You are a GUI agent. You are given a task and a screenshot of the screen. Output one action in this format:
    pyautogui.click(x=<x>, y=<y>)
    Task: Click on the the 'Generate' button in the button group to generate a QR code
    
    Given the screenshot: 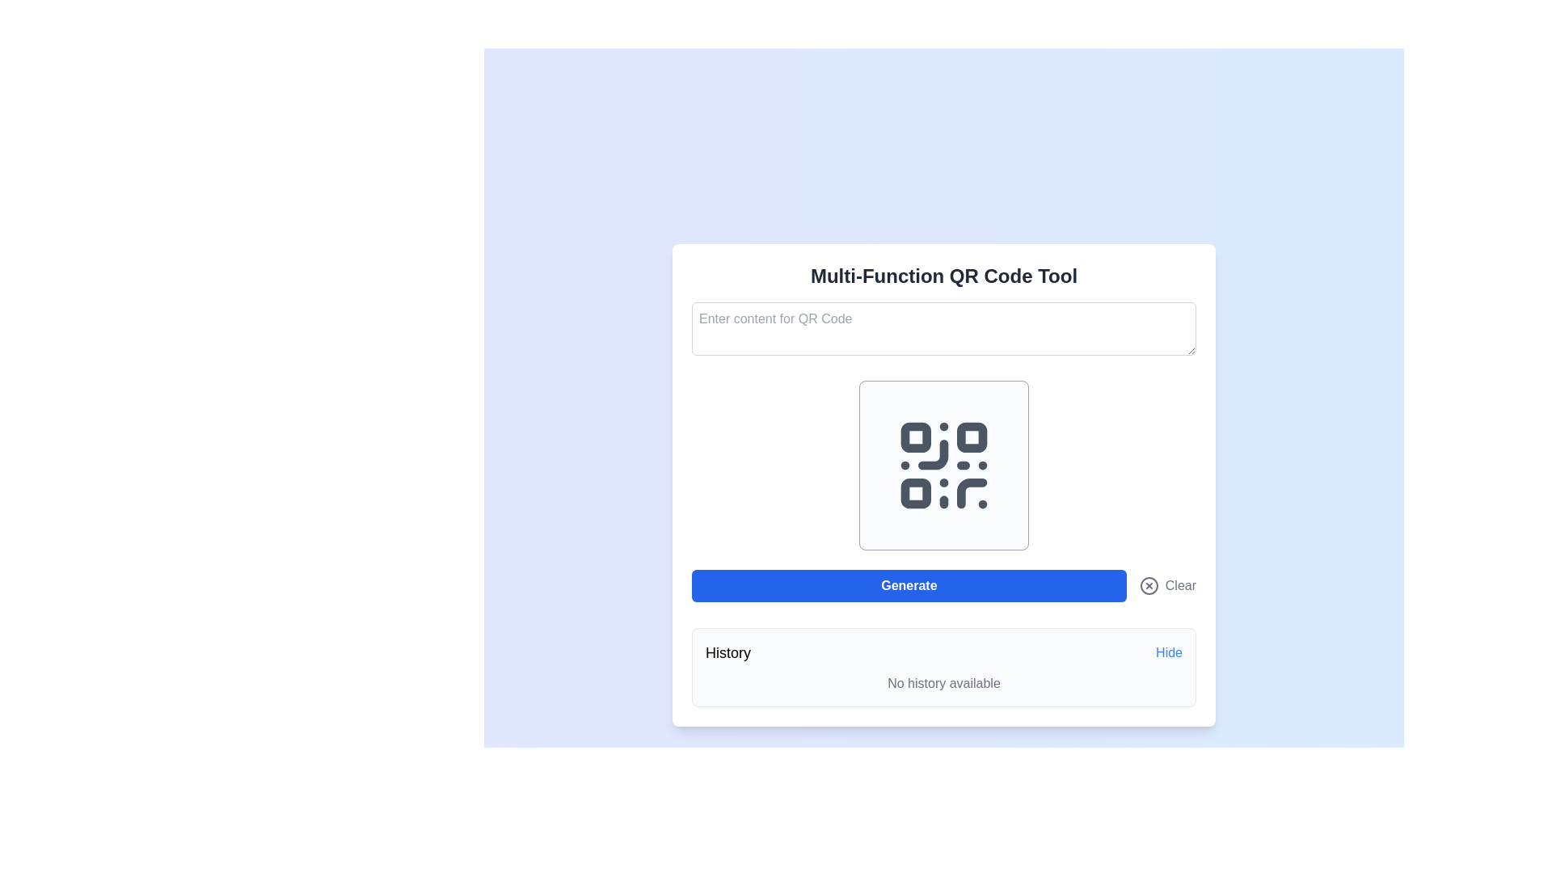 What is the action you would take?
    pyautogui.click(x=943, y=585)
    